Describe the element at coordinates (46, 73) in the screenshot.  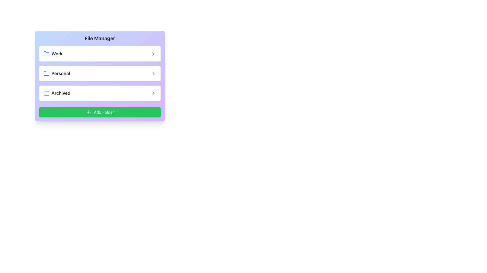
I see `the blue folder icon at the beginning of the 'Personal' list item in the 'File Manager' interface` at that location.